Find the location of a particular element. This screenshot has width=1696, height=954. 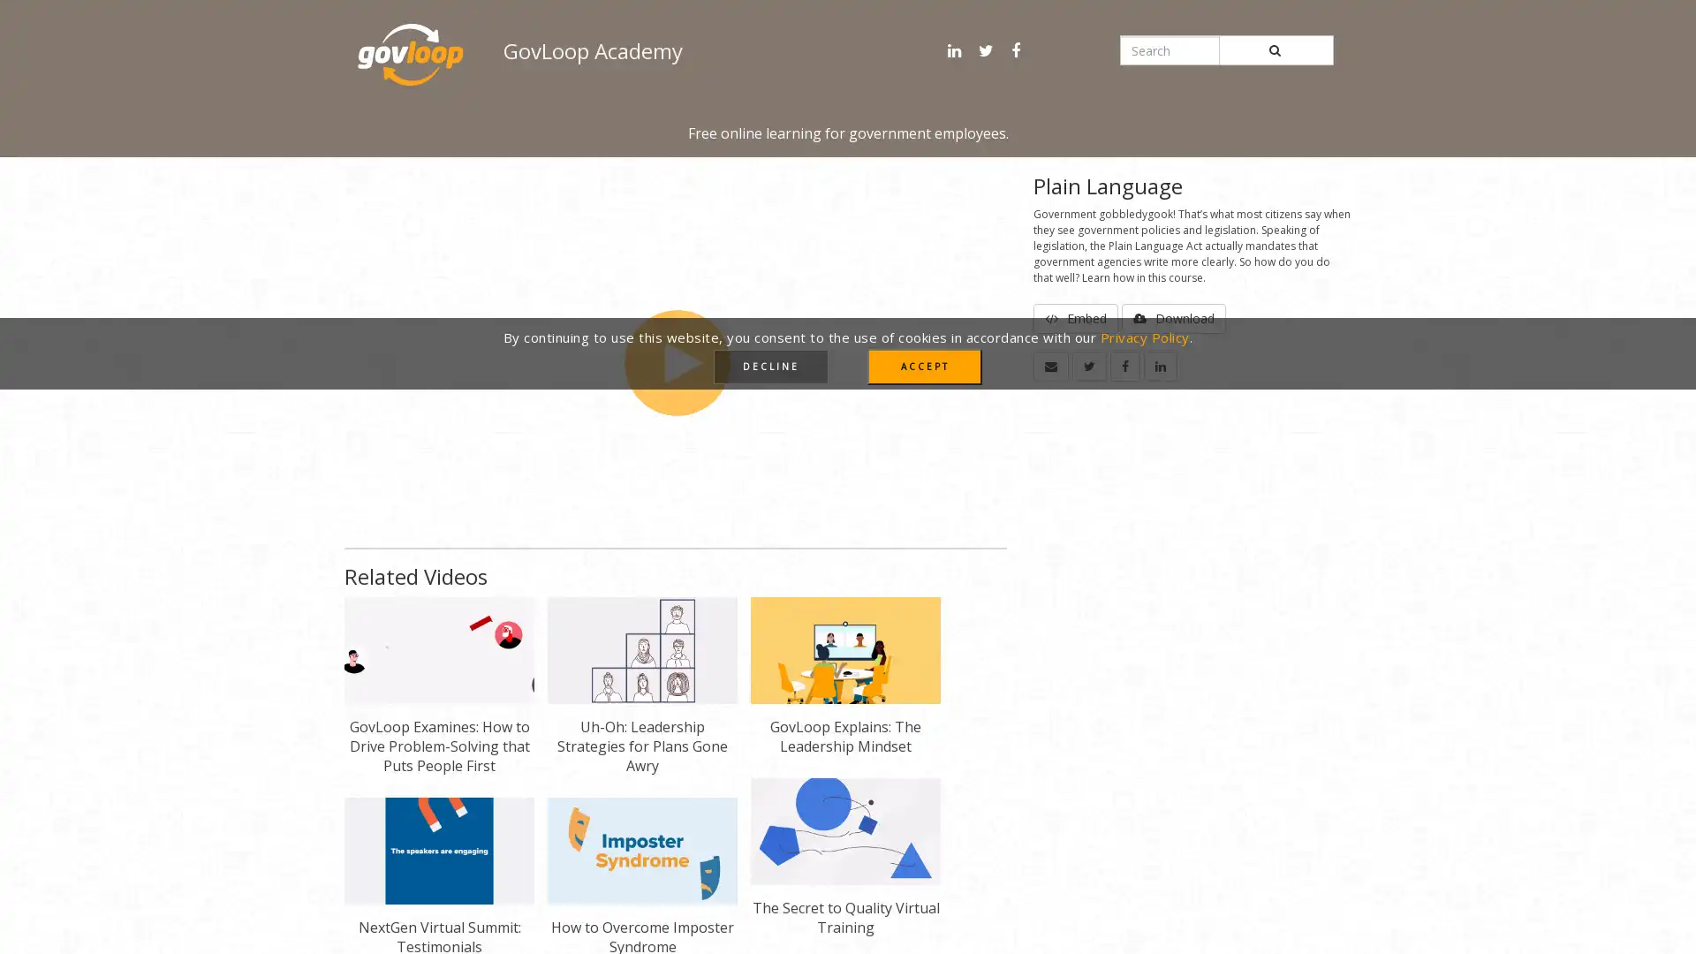

Download is located at coordinates (1174, 319).